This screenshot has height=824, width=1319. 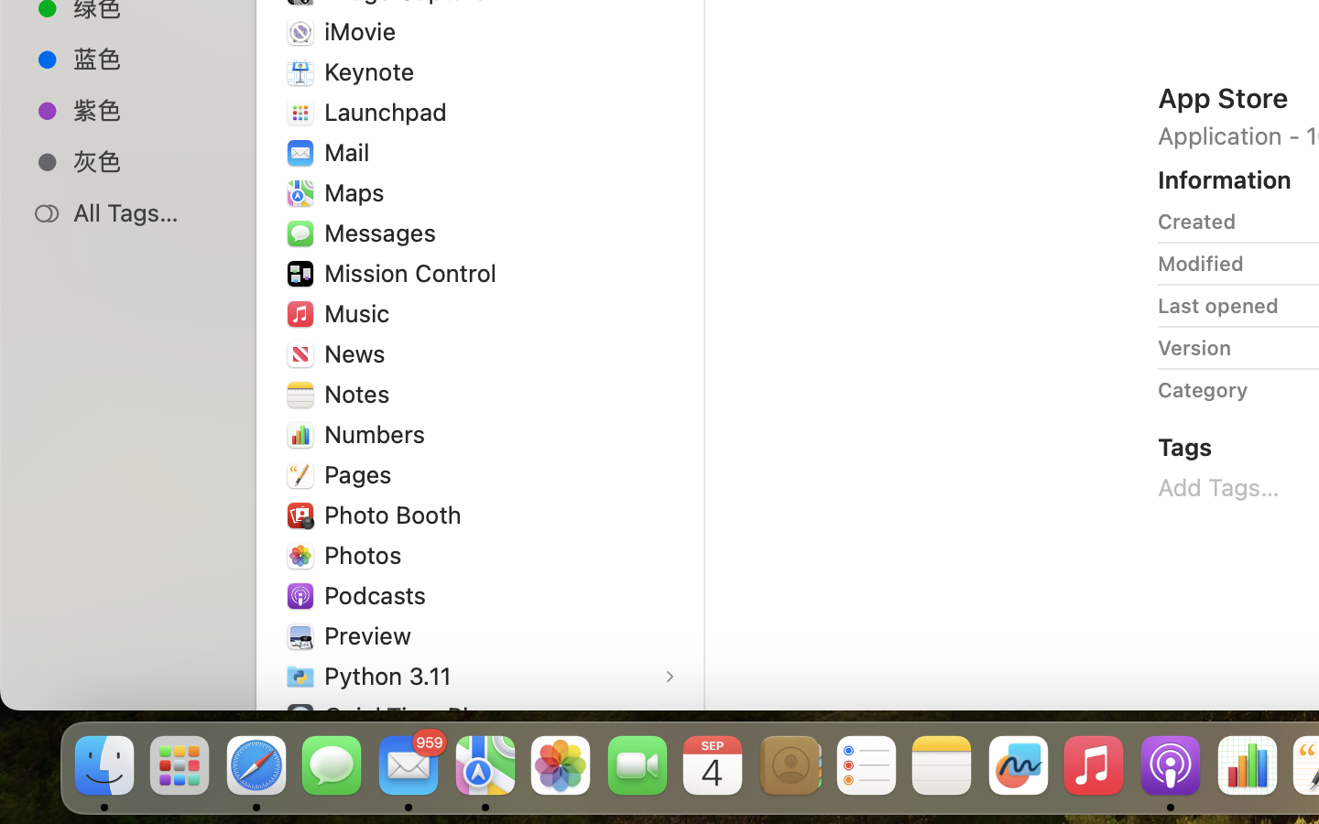 I want to click on 'Maps', so click(x=356, y=191).